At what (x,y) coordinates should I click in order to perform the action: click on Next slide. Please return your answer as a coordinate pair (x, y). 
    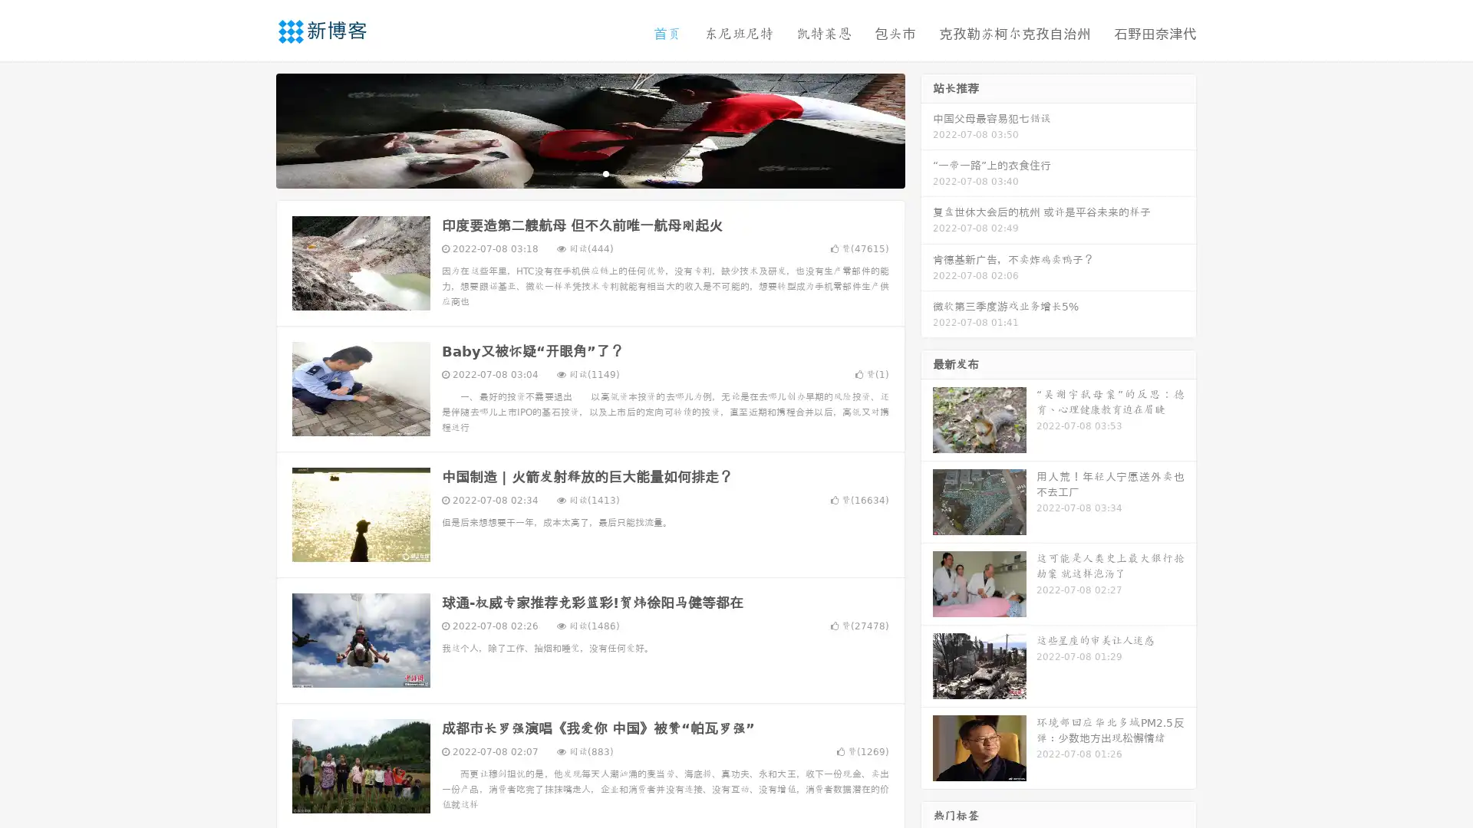
    Looking at the image, I should click on (927, 129).